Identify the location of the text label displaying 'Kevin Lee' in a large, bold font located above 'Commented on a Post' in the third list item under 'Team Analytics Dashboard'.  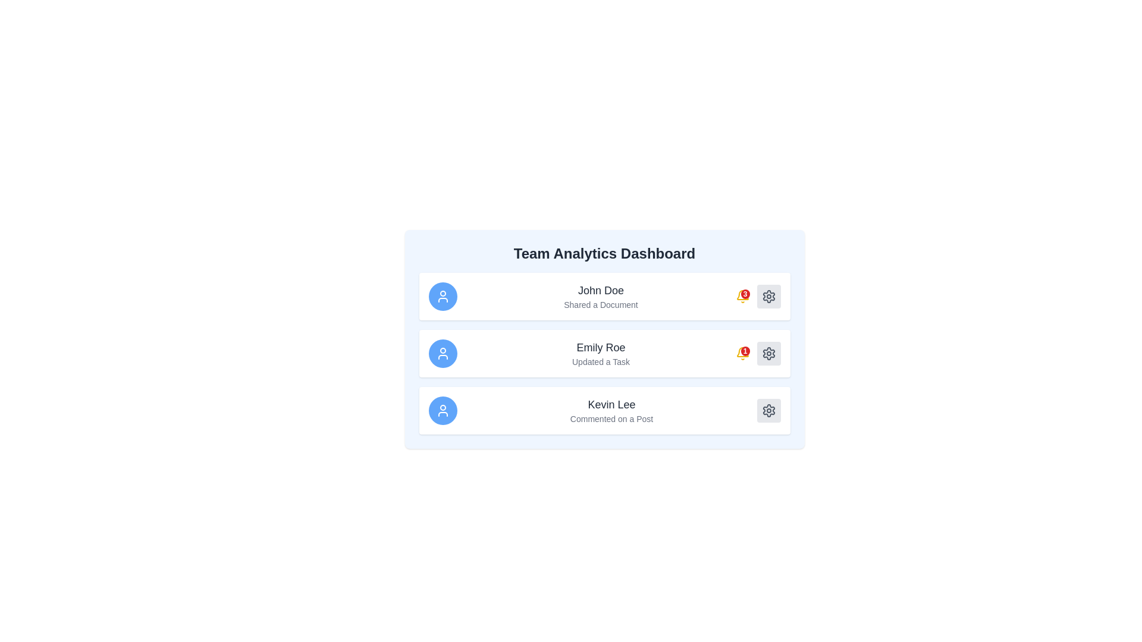
(611, 404).